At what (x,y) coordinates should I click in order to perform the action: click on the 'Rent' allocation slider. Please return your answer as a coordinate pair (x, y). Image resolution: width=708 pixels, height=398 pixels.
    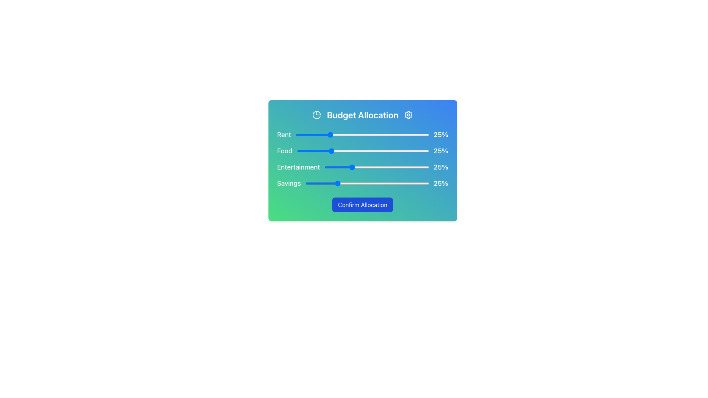
    Looking at the image, I should click on (309, 135).